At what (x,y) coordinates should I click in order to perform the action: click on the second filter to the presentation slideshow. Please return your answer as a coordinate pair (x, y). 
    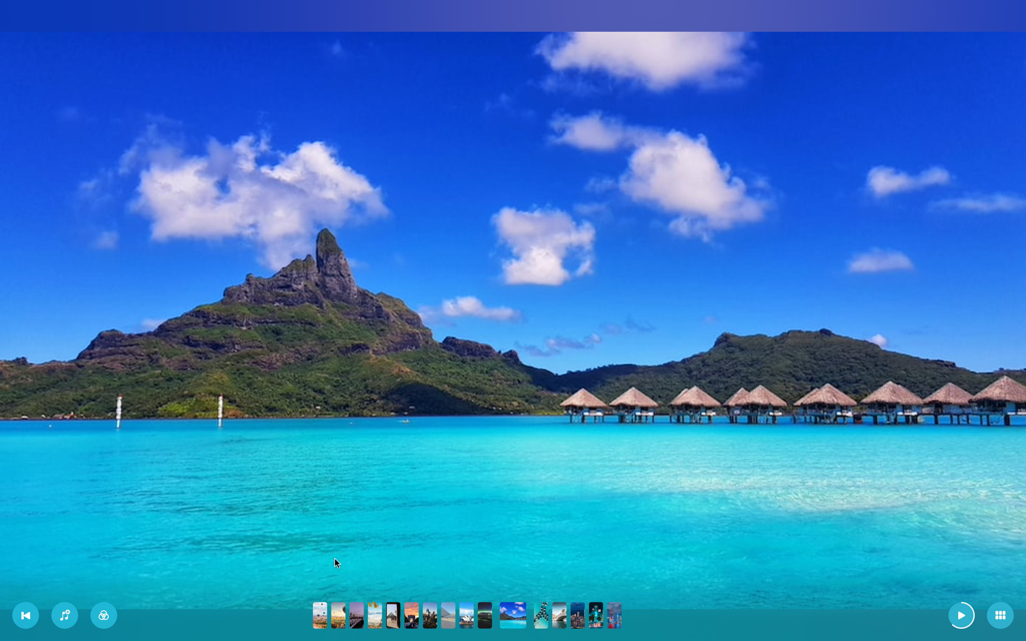
    Looking at the image, I should click on (104, 615).